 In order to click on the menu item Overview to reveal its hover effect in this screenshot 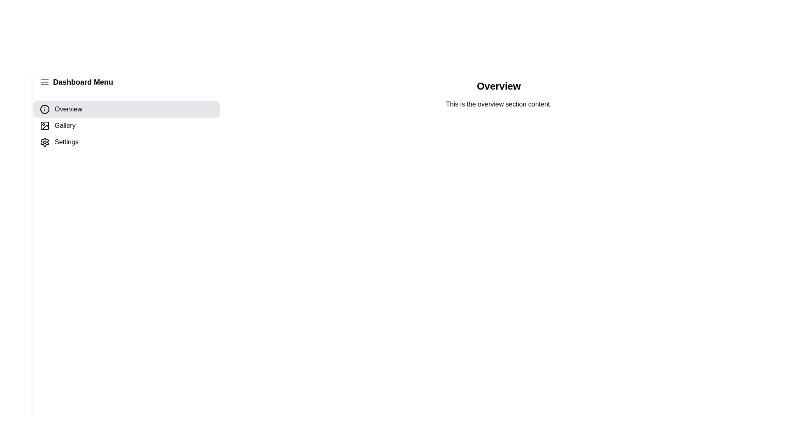, I will do `click(126, 109)`.